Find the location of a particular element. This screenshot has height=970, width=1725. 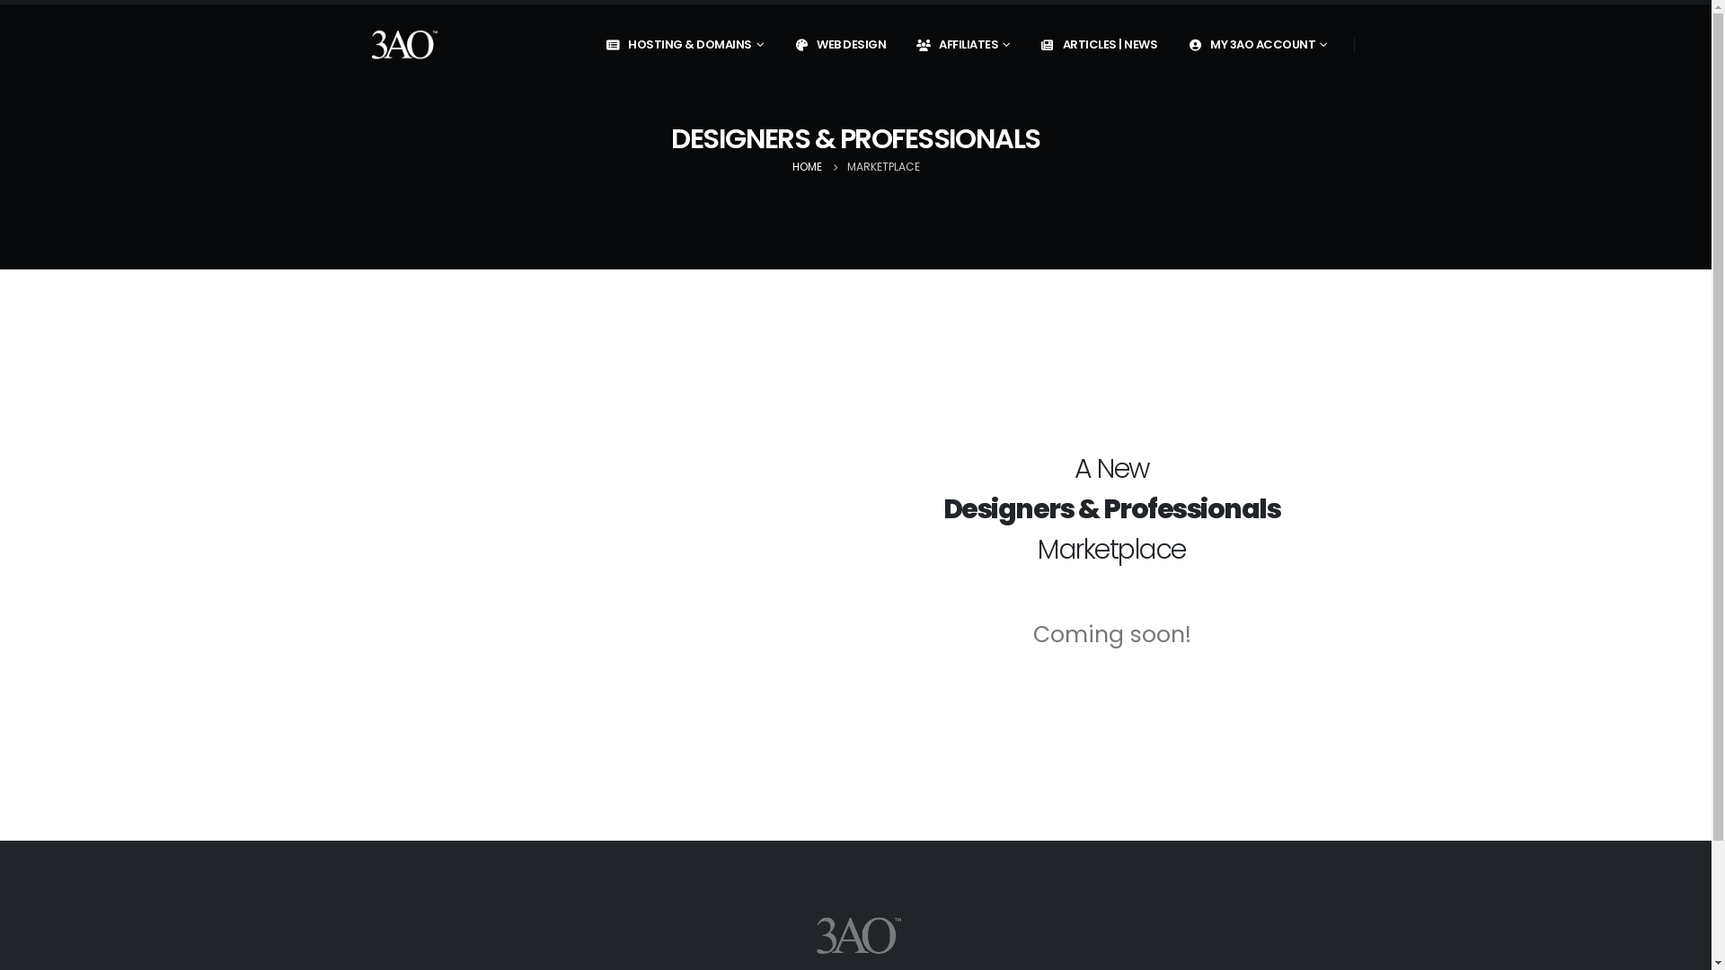

'HOME' is located at coordinates (806, 166).